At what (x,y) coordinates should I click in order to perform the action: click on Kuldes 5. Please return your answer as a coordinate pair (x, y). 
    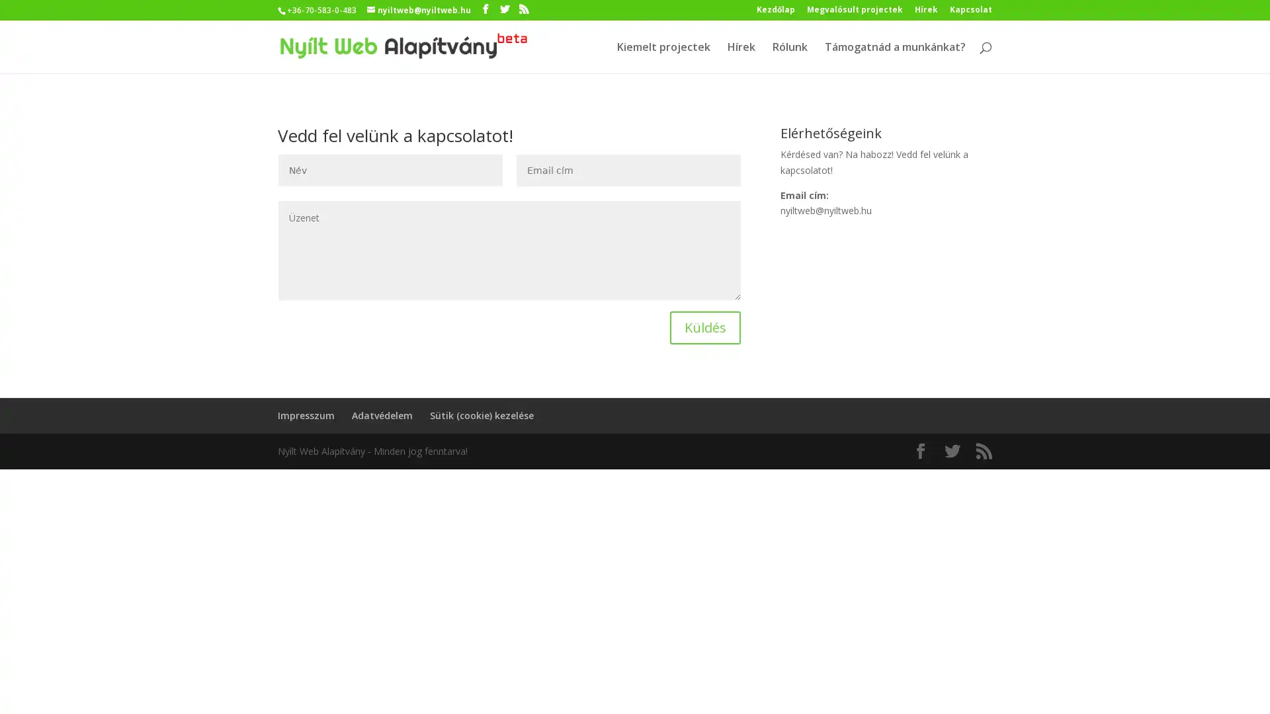
    Looking at the image, I should click on (704, 327).